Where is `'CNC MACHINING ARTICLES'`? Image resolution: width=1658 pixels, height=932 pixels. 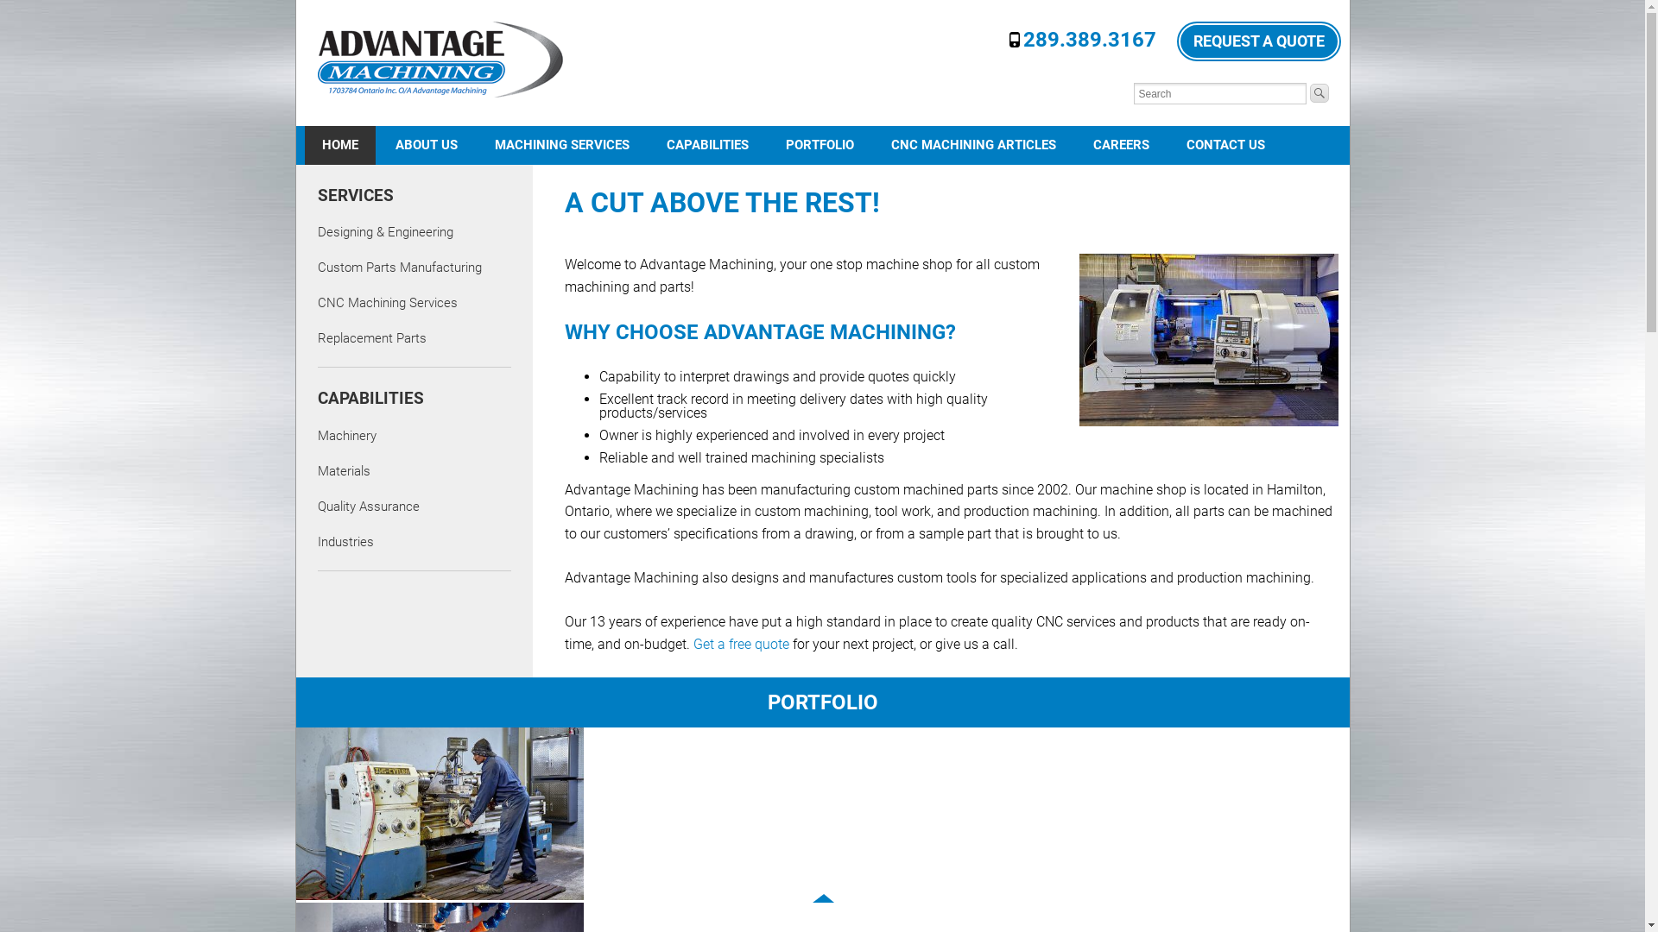 'CNC MACHINING ARTICLES' is located at coordinates (973, 144).